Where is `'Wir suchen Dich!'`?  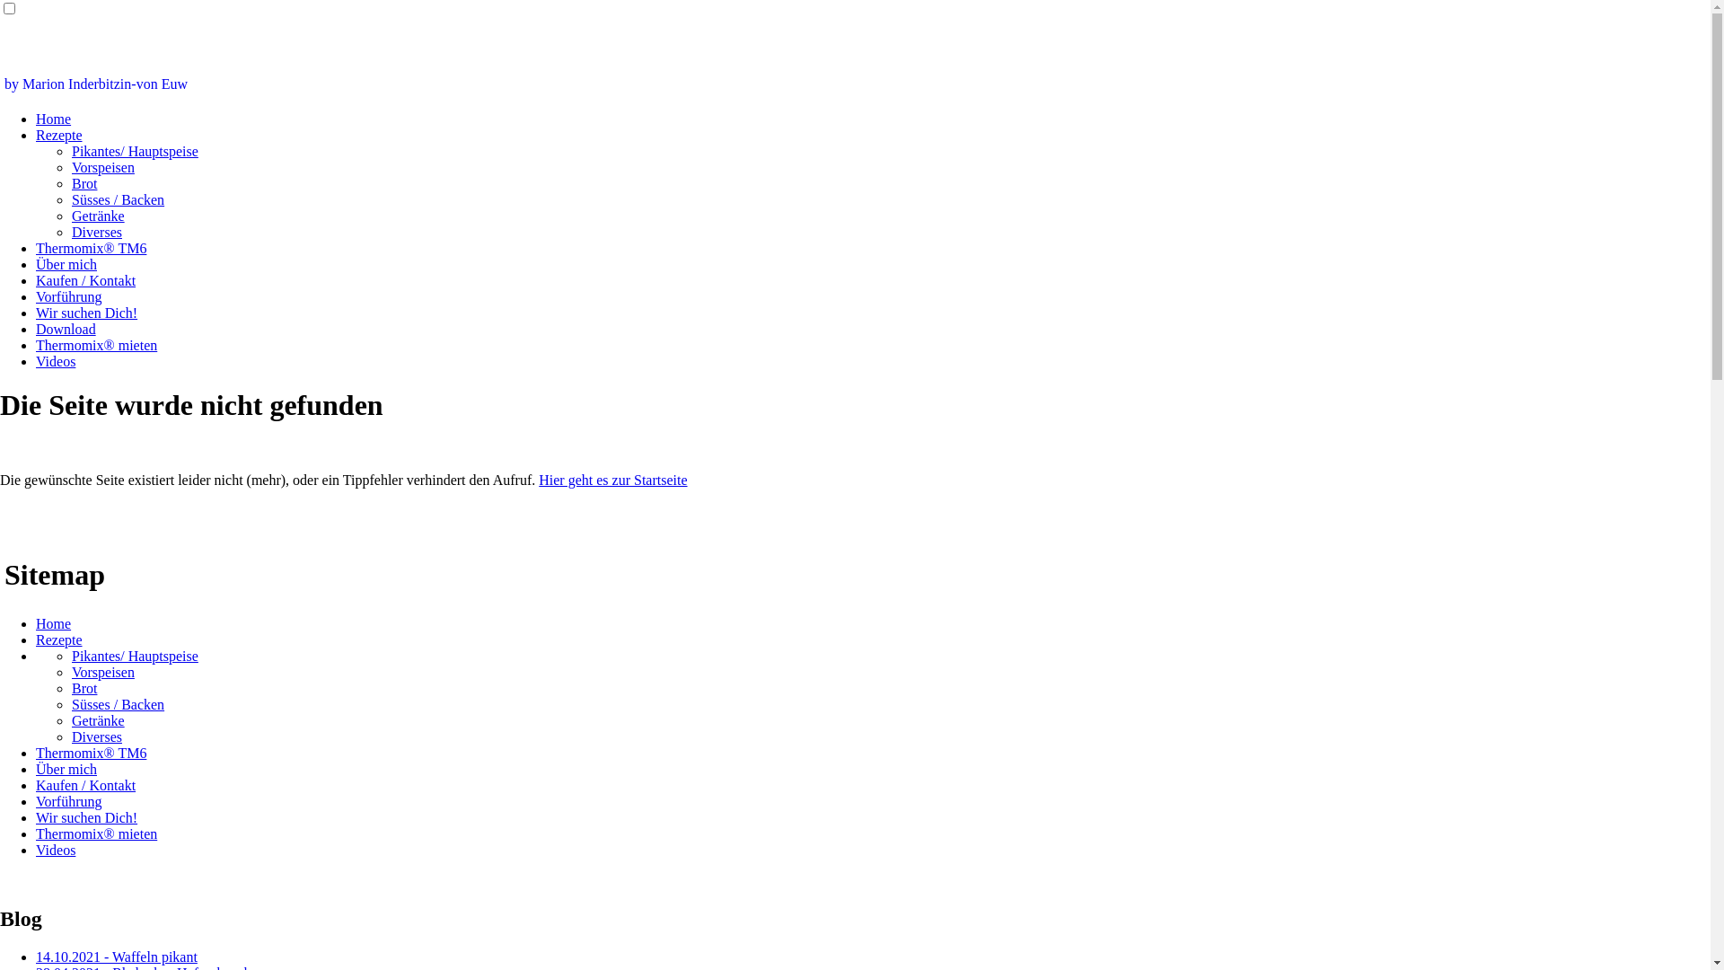 'Wir suchen Dich!' is located at coordinates (85, 817).